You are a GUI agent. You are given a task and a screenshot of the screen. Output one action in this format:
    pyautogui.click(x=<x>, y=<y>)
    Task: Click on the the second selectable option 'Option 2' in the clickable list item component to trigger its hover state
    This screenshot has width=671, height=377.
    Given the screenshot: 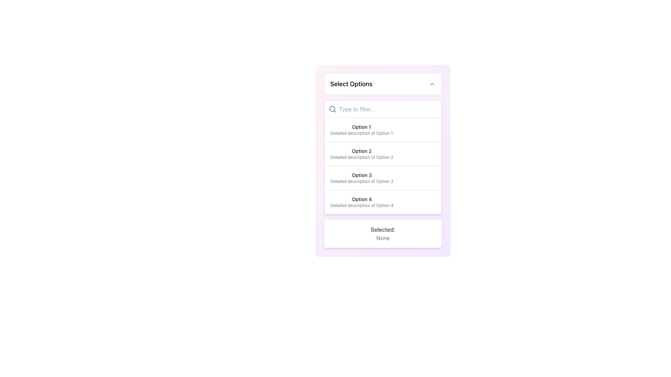 What is the action you would take?
    pyautogui.click(x=382, y=153)
    